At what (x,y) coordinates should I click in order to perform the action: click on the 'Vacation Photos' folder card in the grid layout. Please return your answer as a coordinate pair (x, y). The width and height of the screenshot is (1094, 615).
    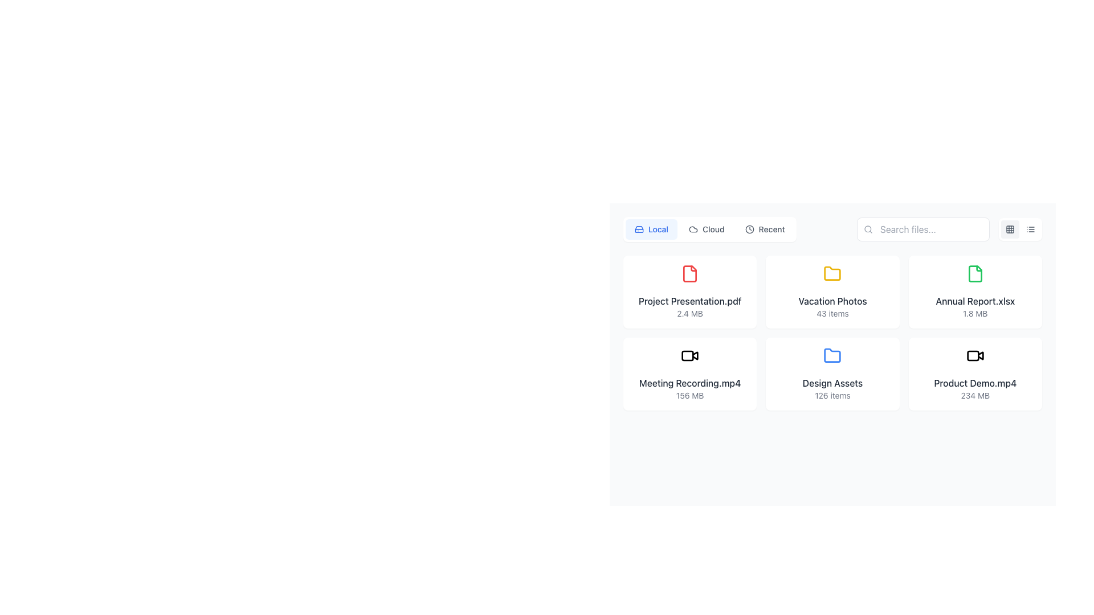
    Looking at the image, I should click on (832, 292).